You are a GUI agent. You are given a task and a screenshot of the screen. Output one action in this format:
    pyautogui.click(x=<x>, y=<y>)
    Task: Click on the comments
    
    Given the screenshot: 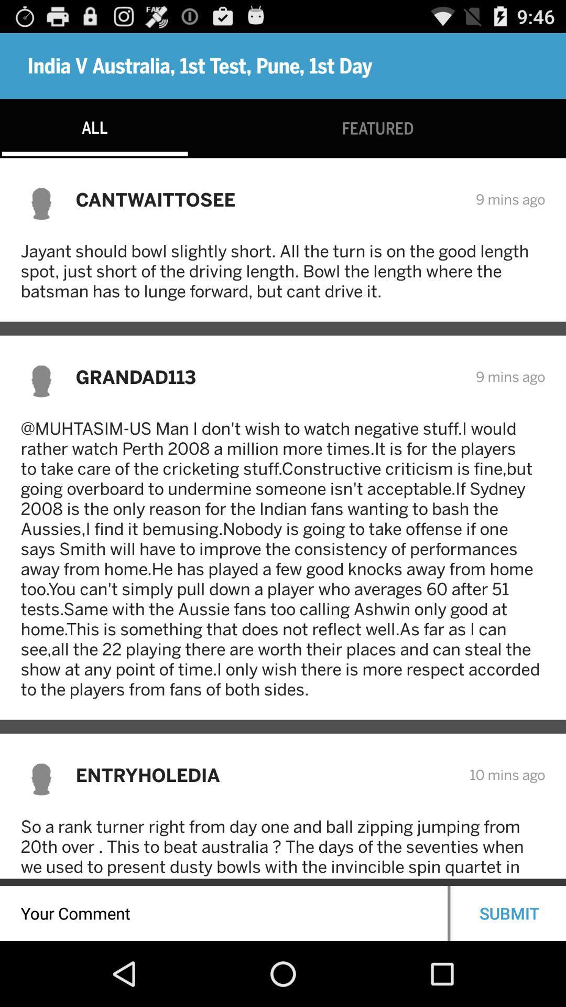 What is the action you would take?
    pyautogui.click(x=223, y=913)
    